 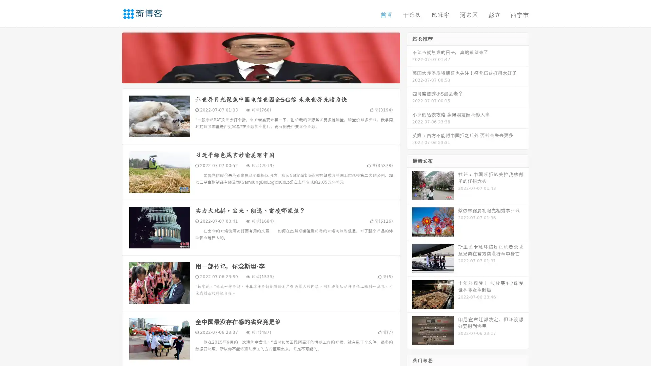 I want to click on Previous slide, so click(x=112, y=57).